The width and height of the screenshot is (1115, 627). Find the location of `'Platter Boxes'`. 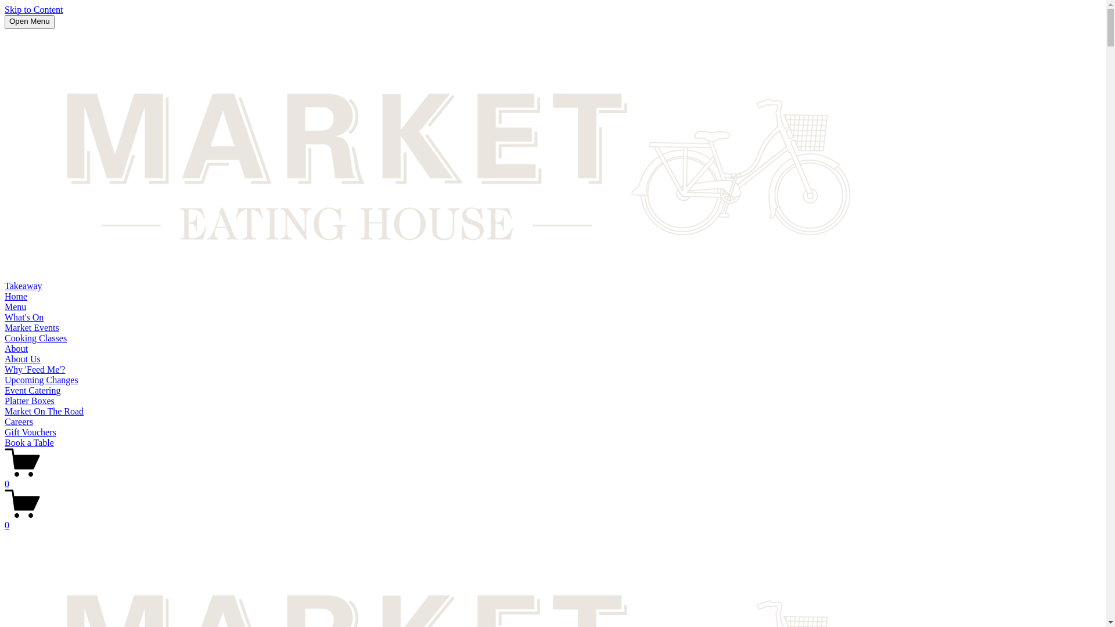

'Platter Boxes' is located at coordinates (30, 400).